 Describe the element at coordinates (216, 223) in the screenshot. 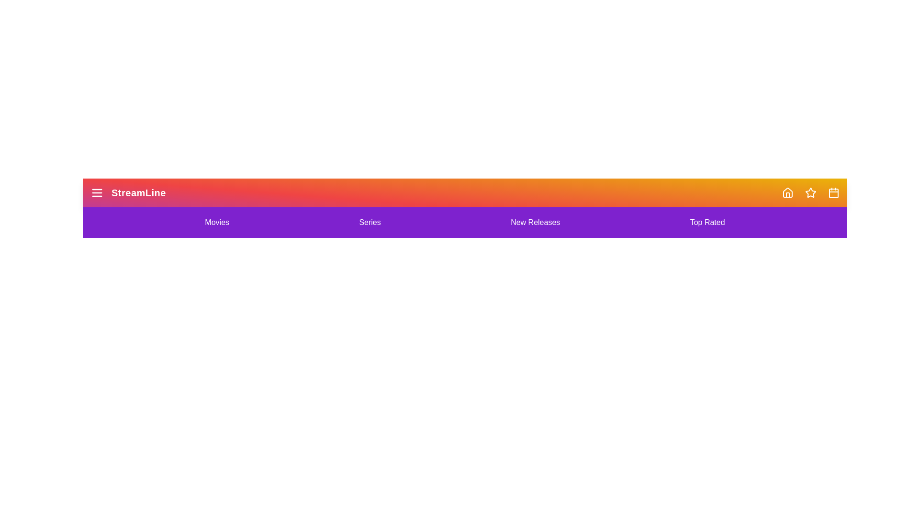

I see `the Movies navigation link` at that location.